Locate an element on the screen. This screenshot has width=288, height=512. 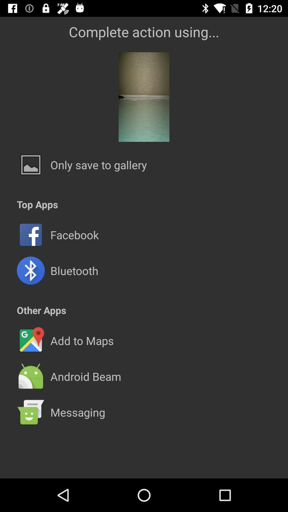
add to maps is located at coordinates (82, 340).